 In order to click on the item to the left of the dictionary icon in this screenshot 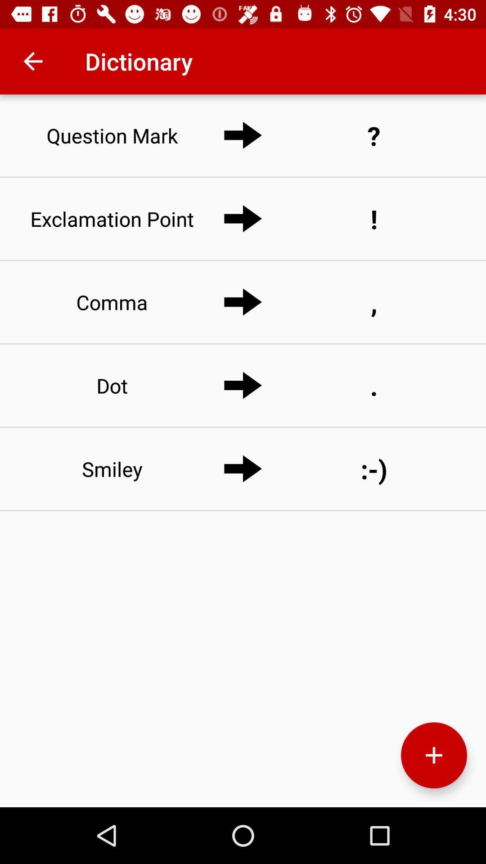, I will do `click(32, 61)`.